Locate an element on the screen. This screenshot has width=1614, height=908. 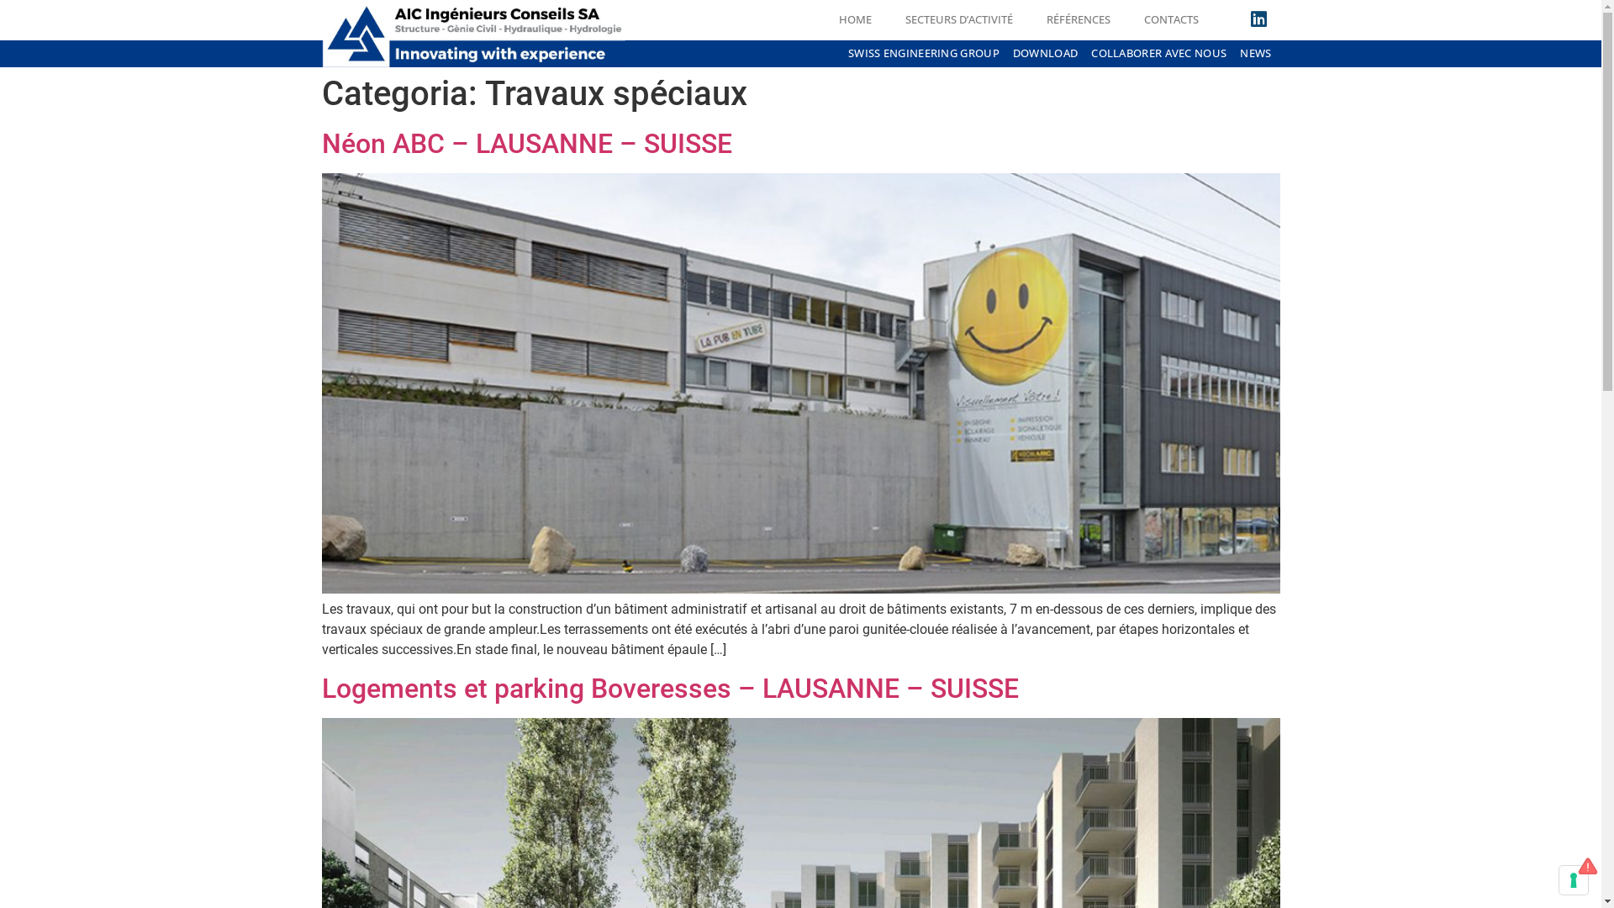
'NEWS' is located at coordinates (1255, 53).